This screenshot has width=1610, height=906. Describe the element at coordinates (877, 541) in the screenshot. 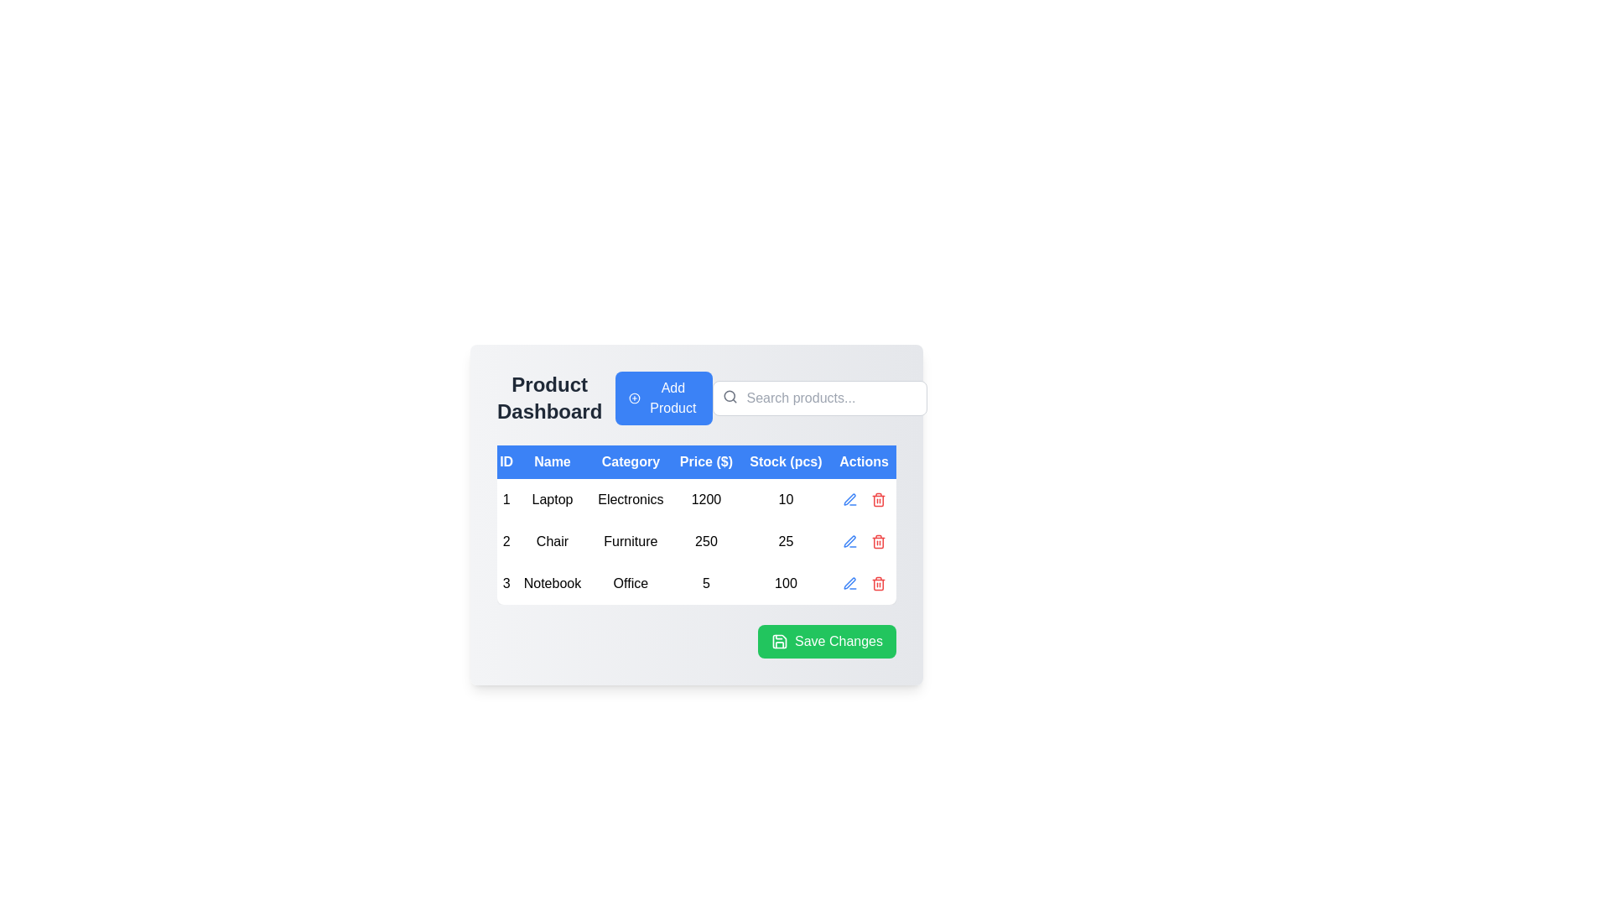

I see `the red trash bin icon in the 'Actions' column of the second row of the table to initiate the delete action` at that location.